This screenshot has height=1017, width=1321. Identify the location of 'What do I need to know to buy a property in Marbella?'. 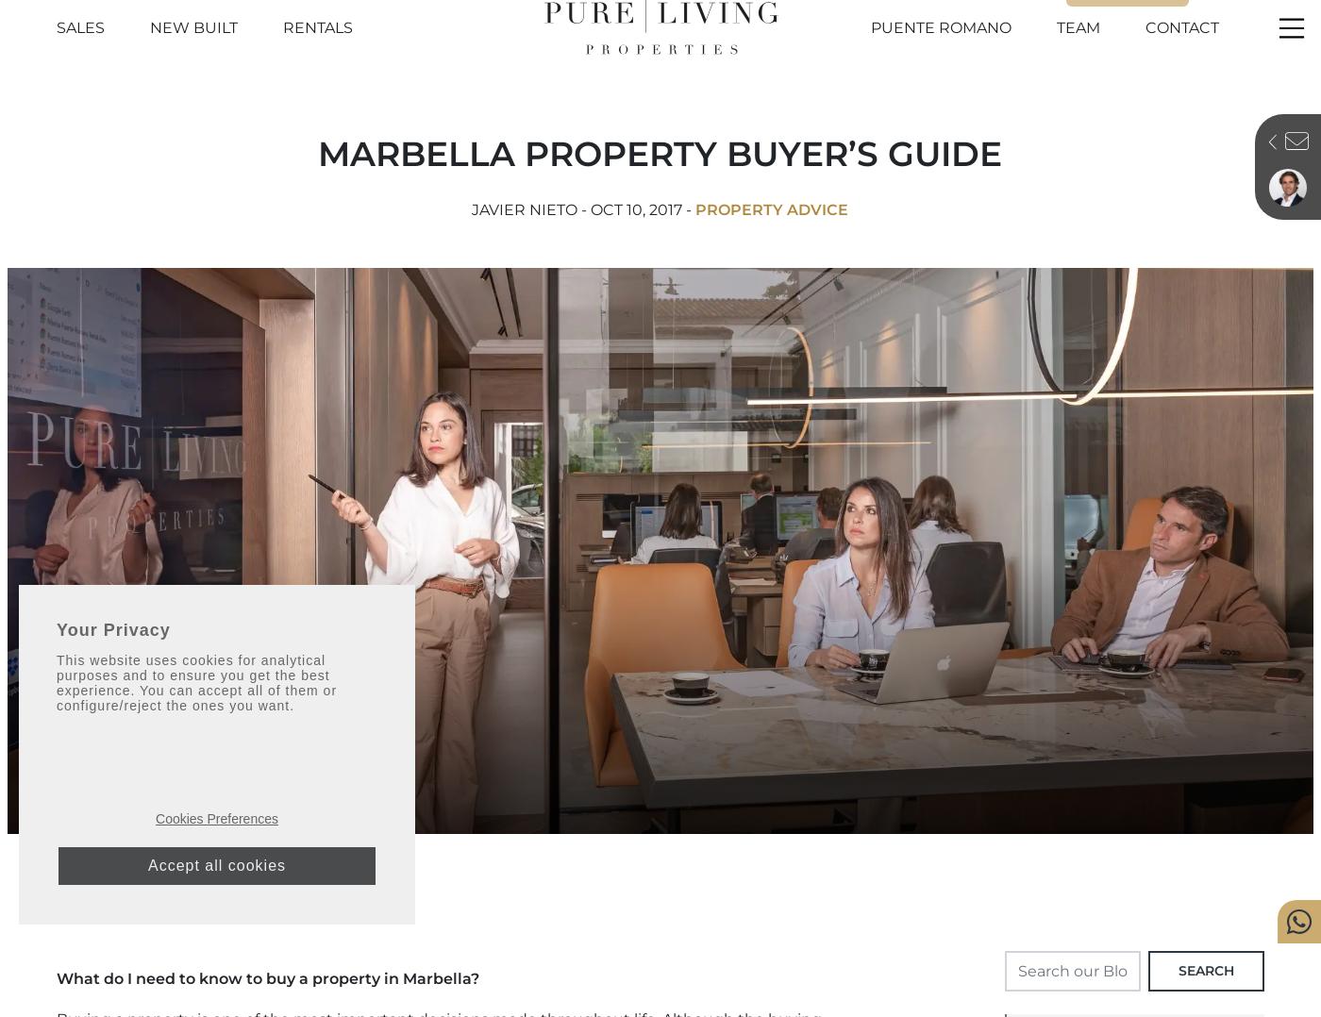
(268, 976).